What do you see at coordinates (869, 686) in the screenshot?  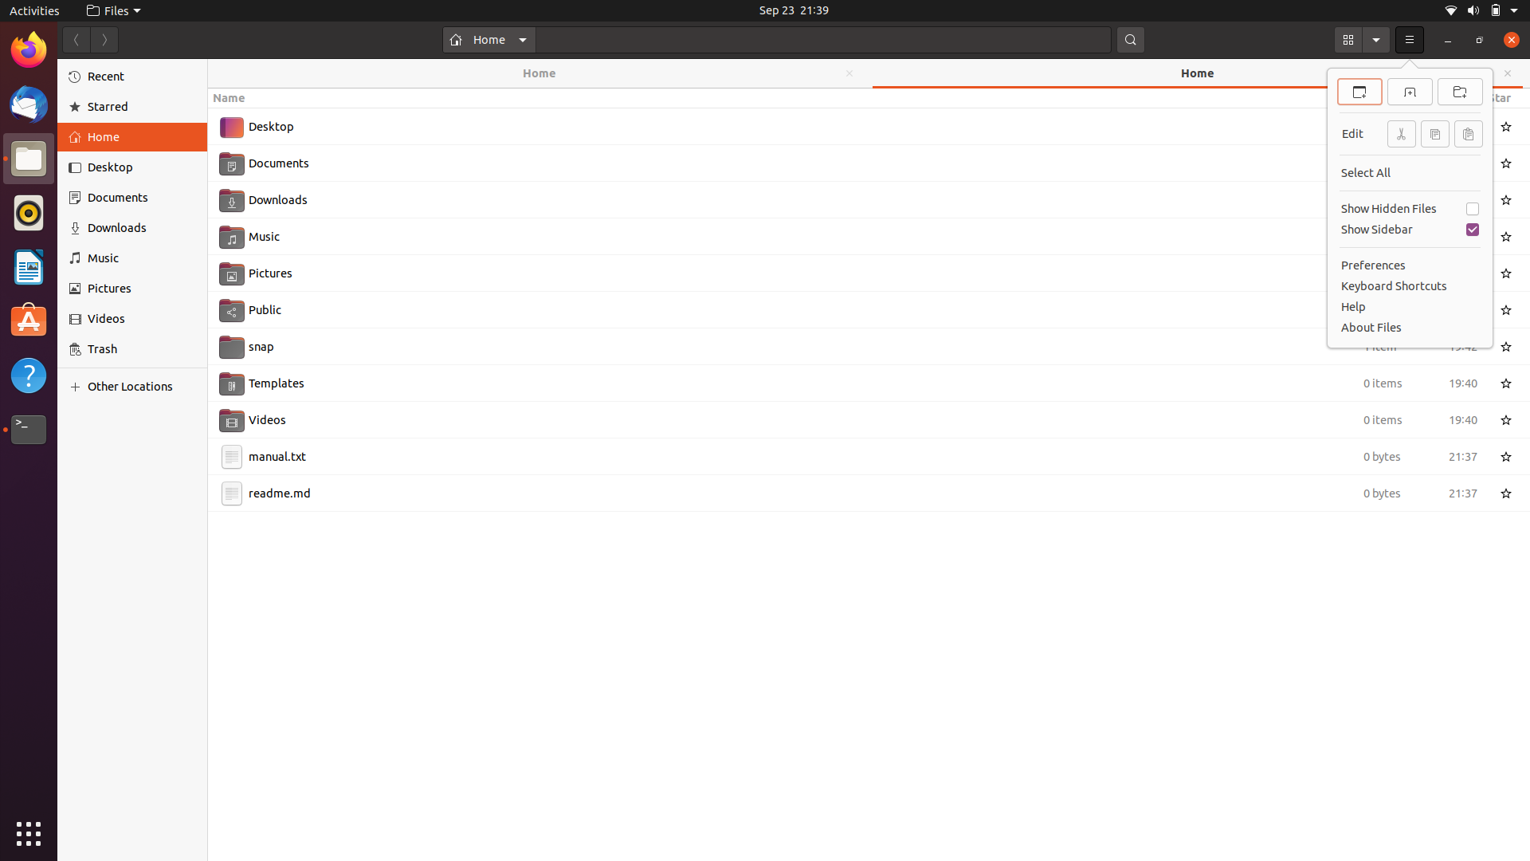 I see `Construct a new directory with the assistance of the keyboard and mouse` at bounding box center [869, 686].